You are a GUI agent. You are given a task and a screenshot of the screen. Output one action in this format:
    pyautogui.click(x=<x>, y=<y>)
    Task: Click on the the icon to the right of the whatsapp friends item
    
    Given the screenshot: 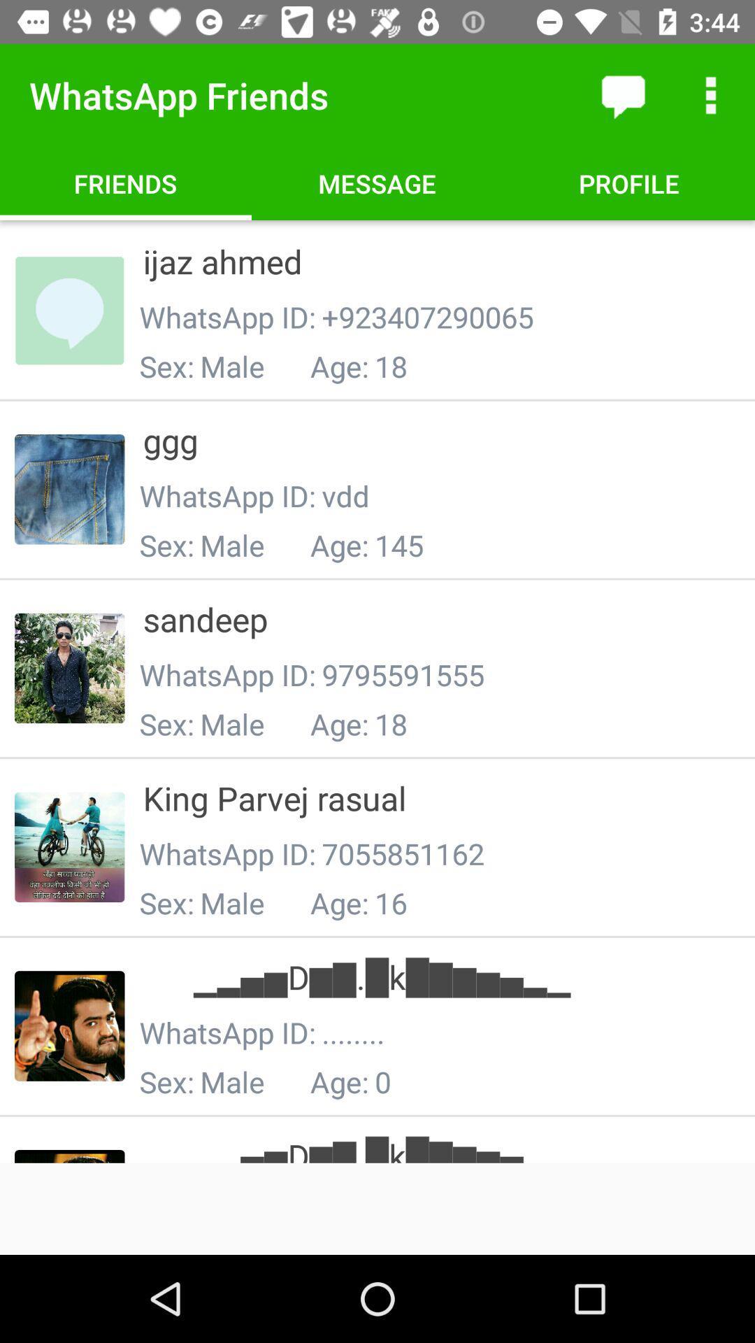 What is the action you would take?
    pyautogui.click(x=622, y=94)
    